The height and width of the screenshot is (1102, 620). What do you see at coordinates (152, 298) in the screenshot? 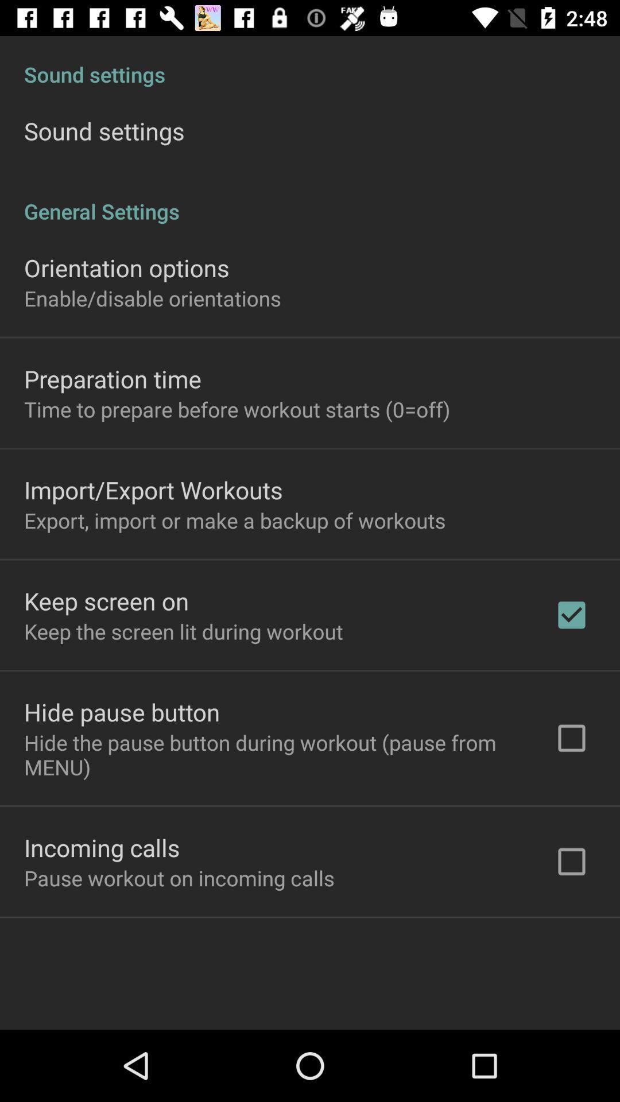
I see `the app above the preparation time icon` at bounding box center [152, 298].